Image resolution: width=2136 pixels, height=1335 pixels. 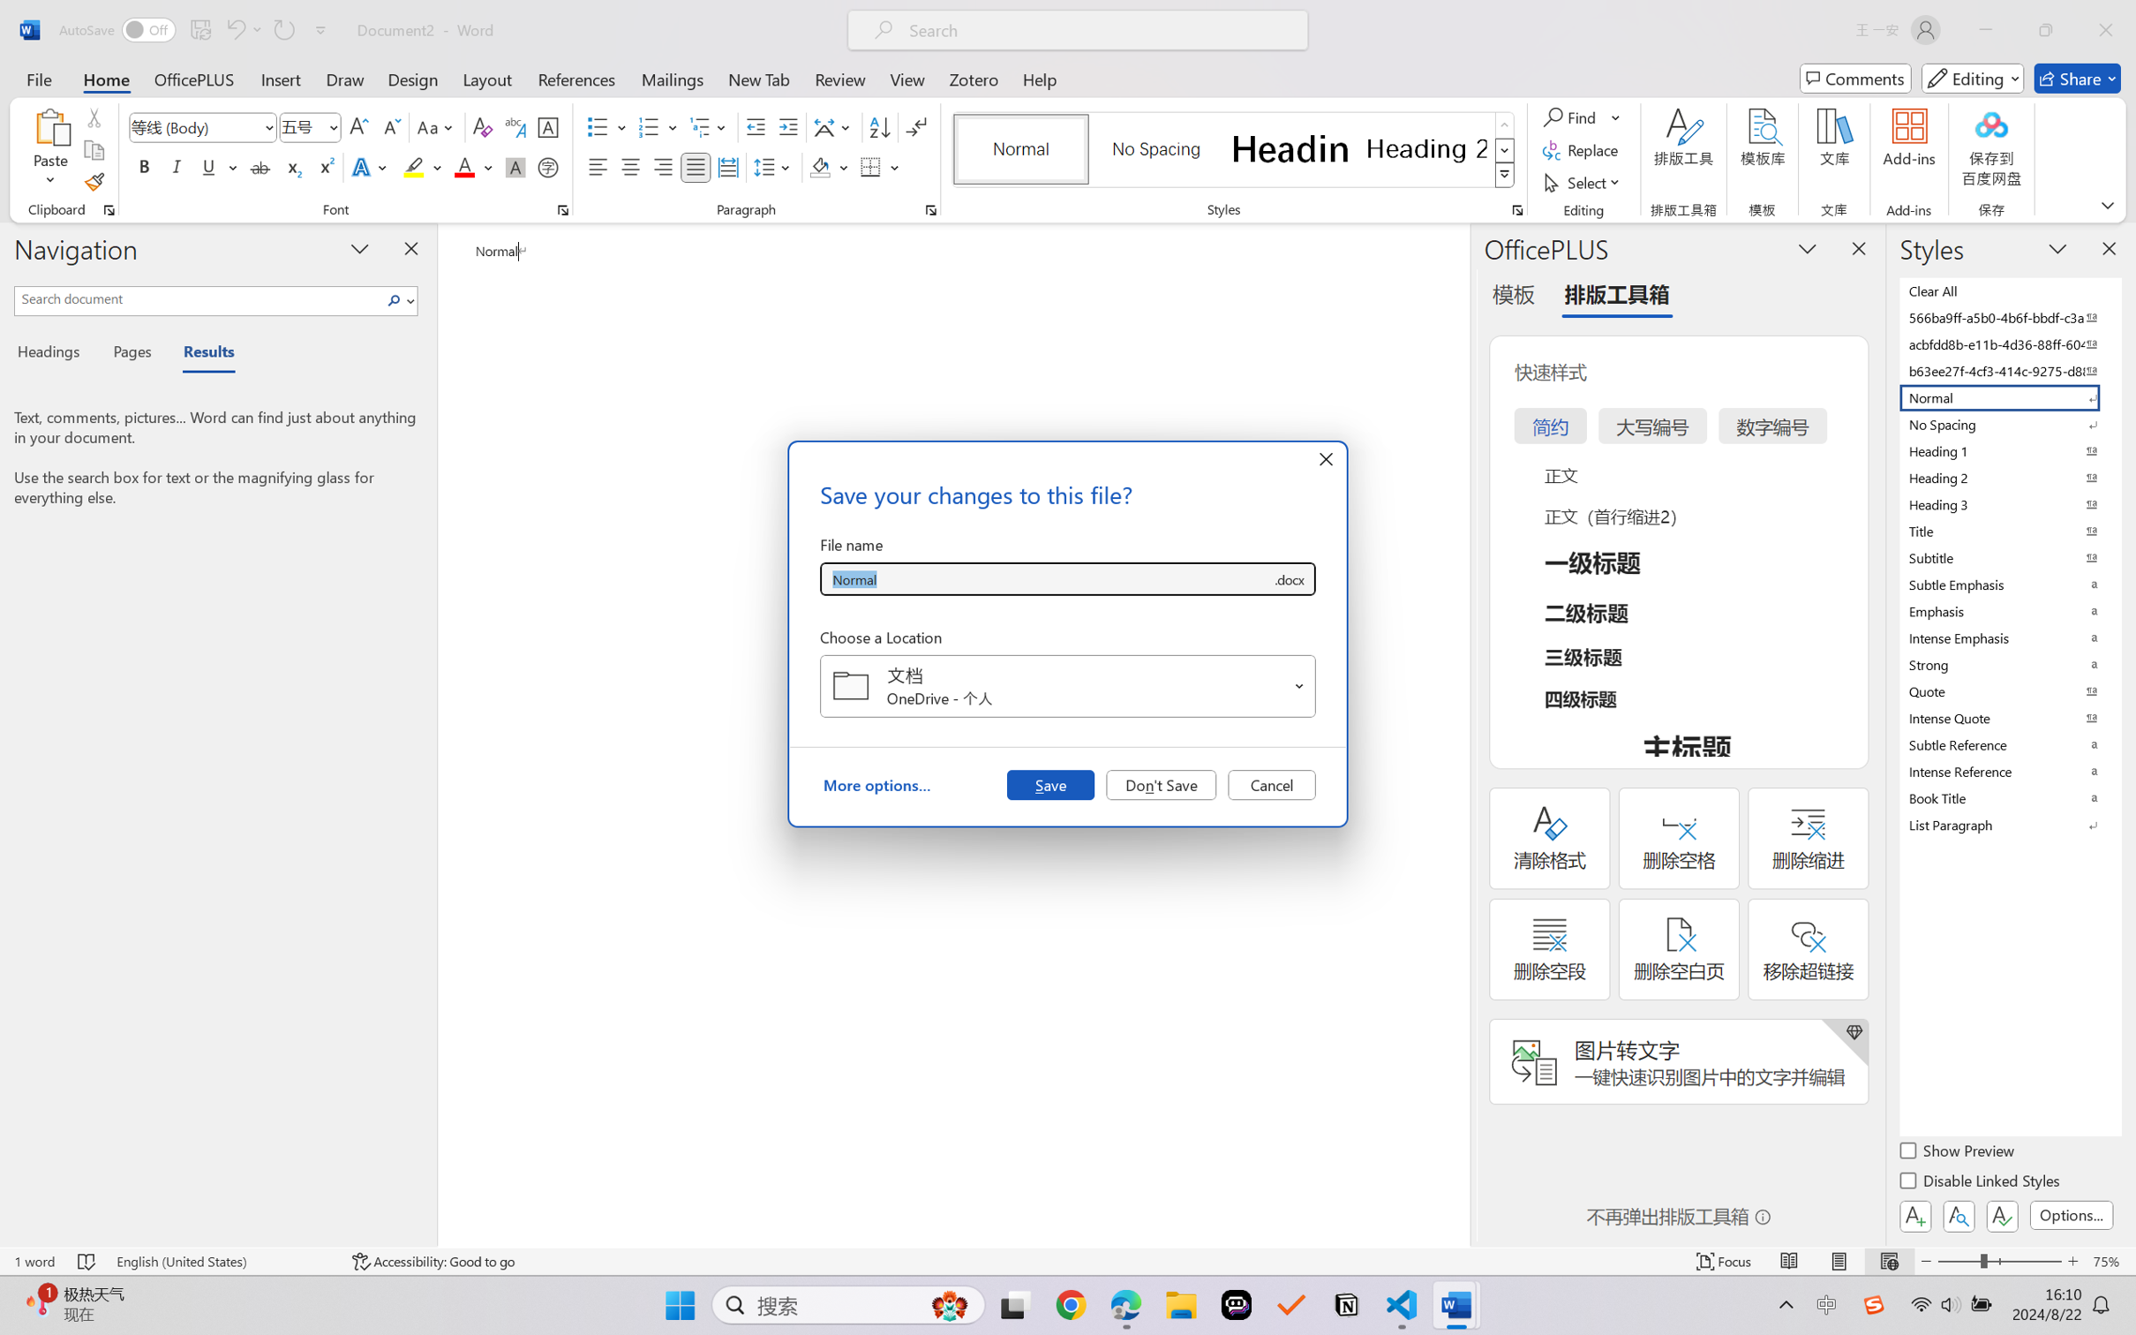 I want to click on 'No Spacing', so click(x=2008, y=423).